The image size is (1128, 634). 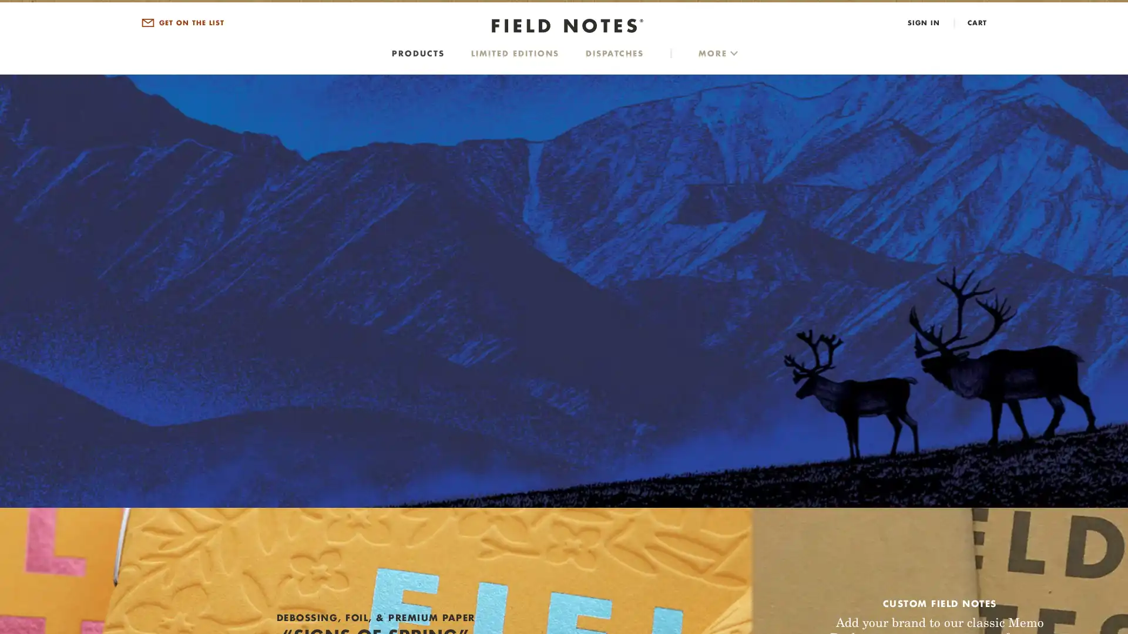 I want to click on SIGN UP, so click(x=892, y=484).